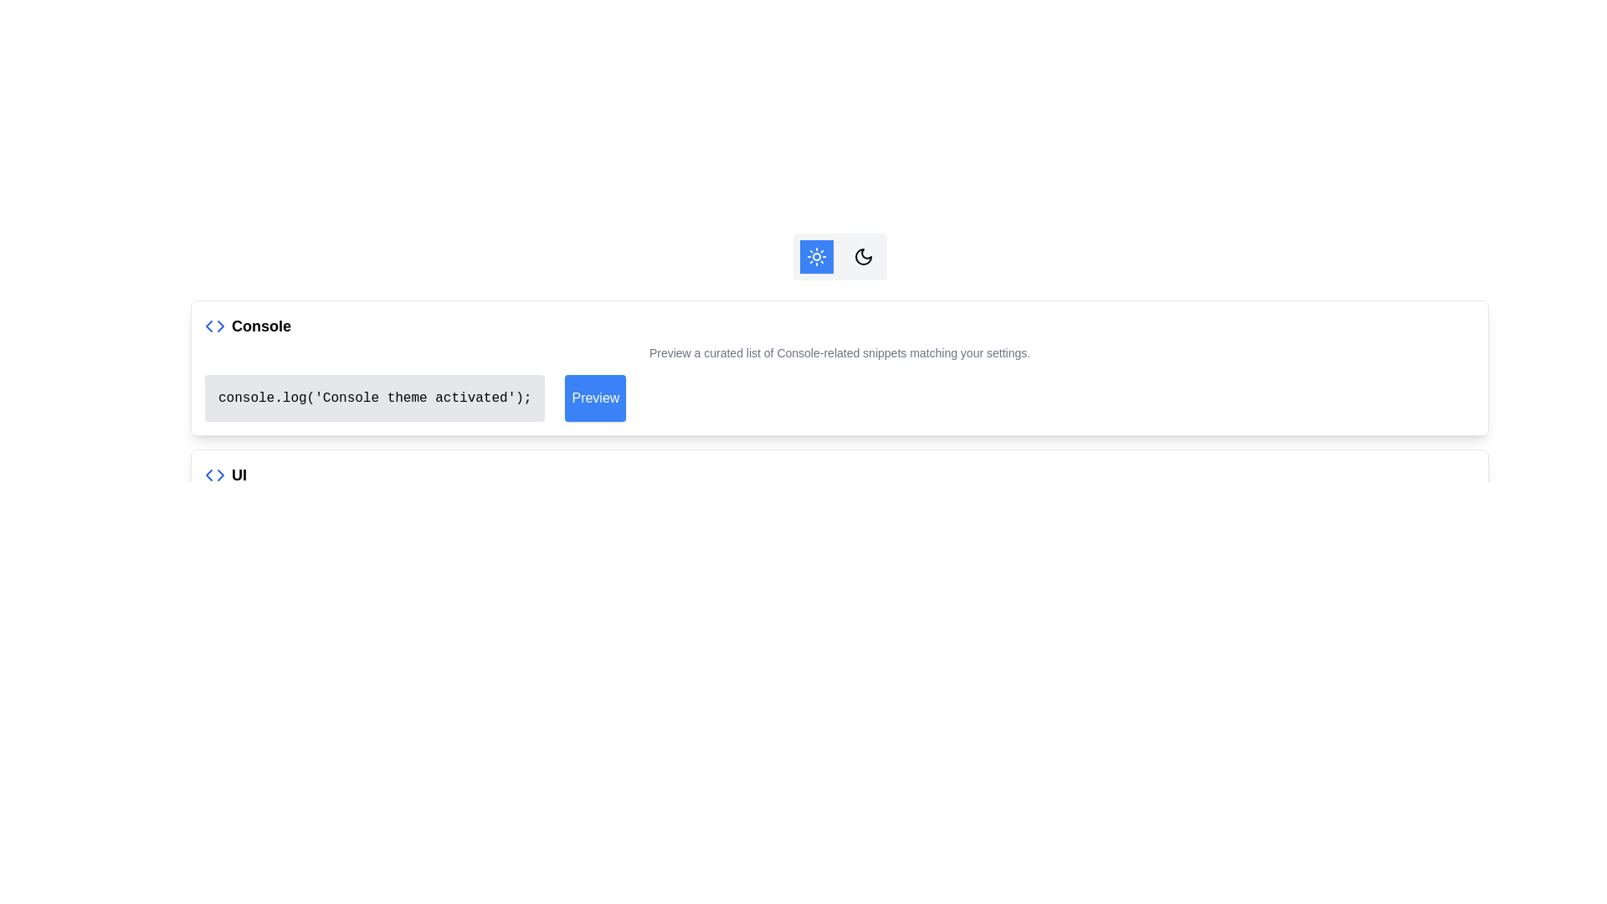  What do you see at coordinates (863, 257) in the screenshot?
I see `the moon icon button located in the top-center section of the interface` at bounding box center [863, 257].